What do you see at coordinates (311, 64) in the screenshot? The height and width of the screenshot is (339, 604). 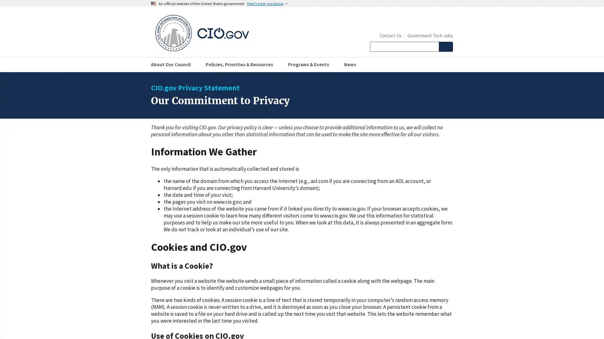 I see `Programs & Events` at bounding box center [311, 64].